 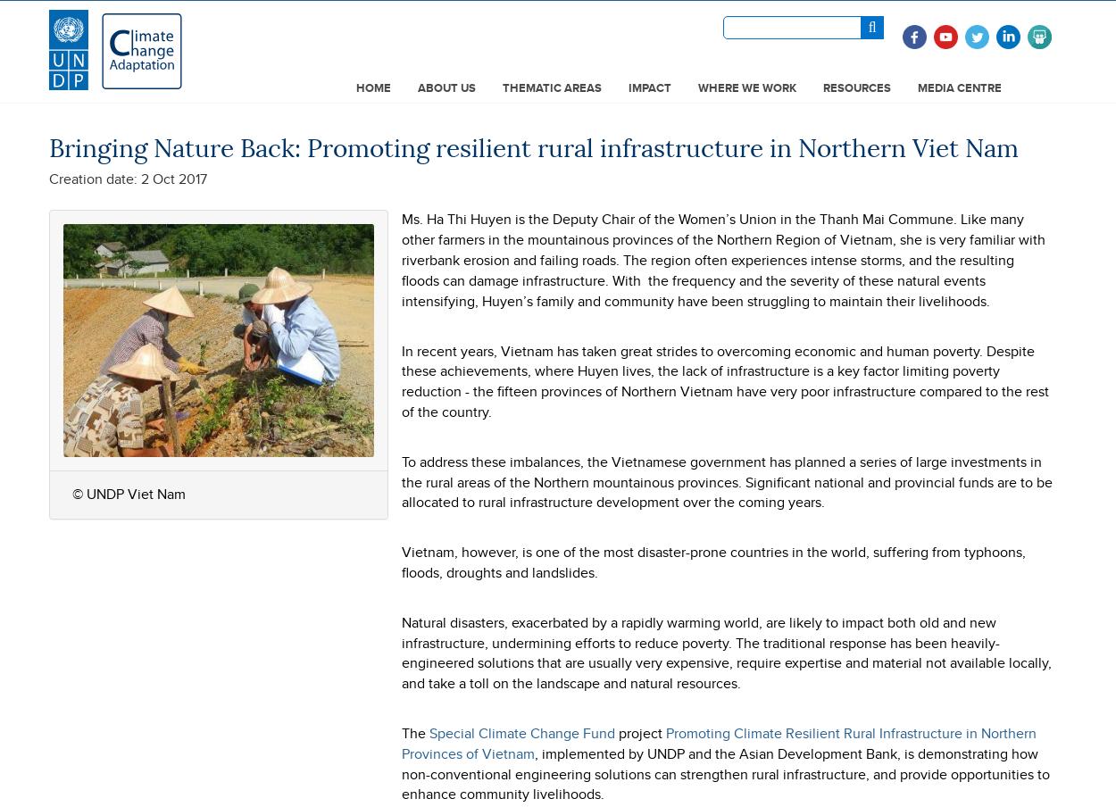 What do you see at coordinates (719, 742) in the screenshot?
I see `'Promoting Climate Resilient Rural Infrastructure in Northern Provinces of Vietnam'` at bounding box center [719, 742].